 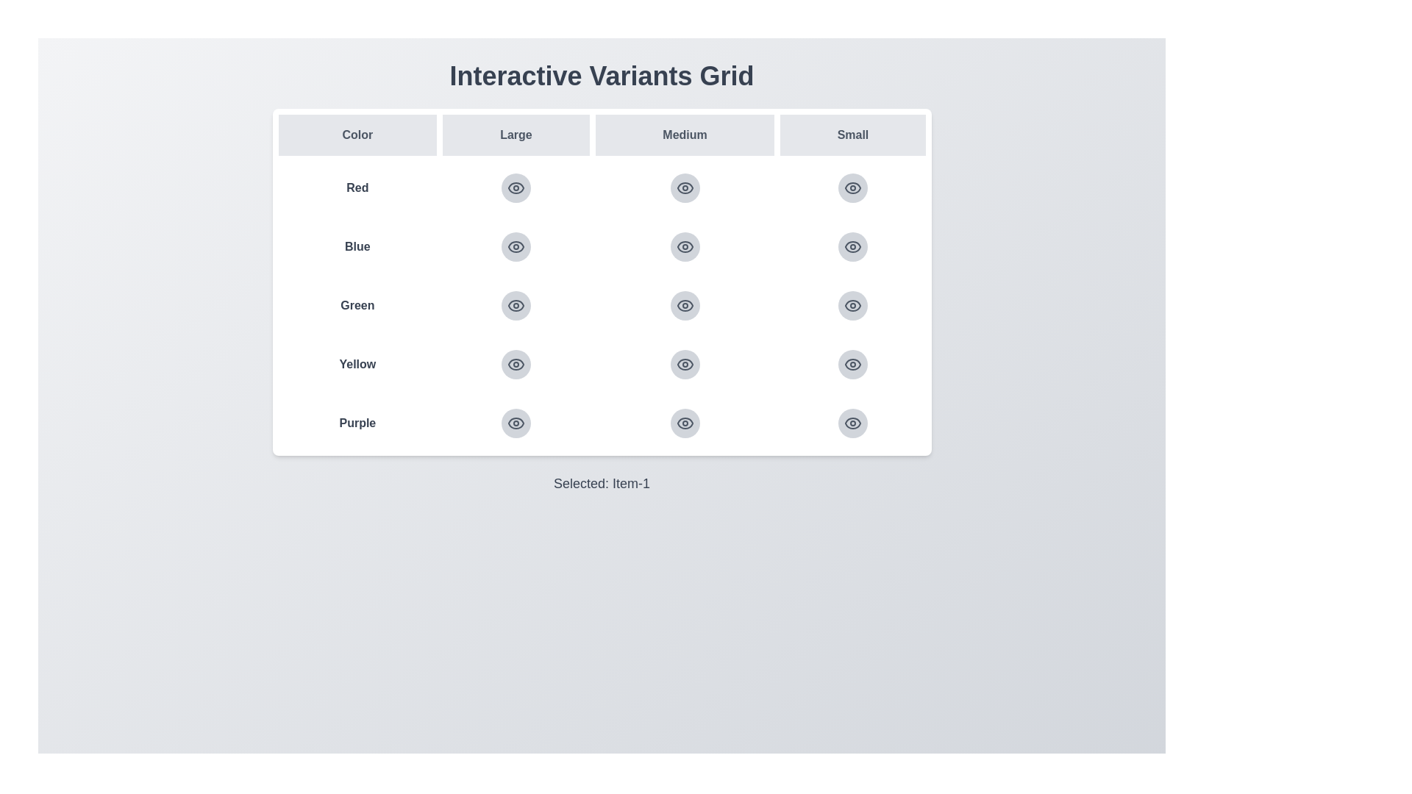 I want to click on the circular icon button with a gray background and eye illustration located in the fourth row and second column of the grid layout, so click(x=516, y=364).